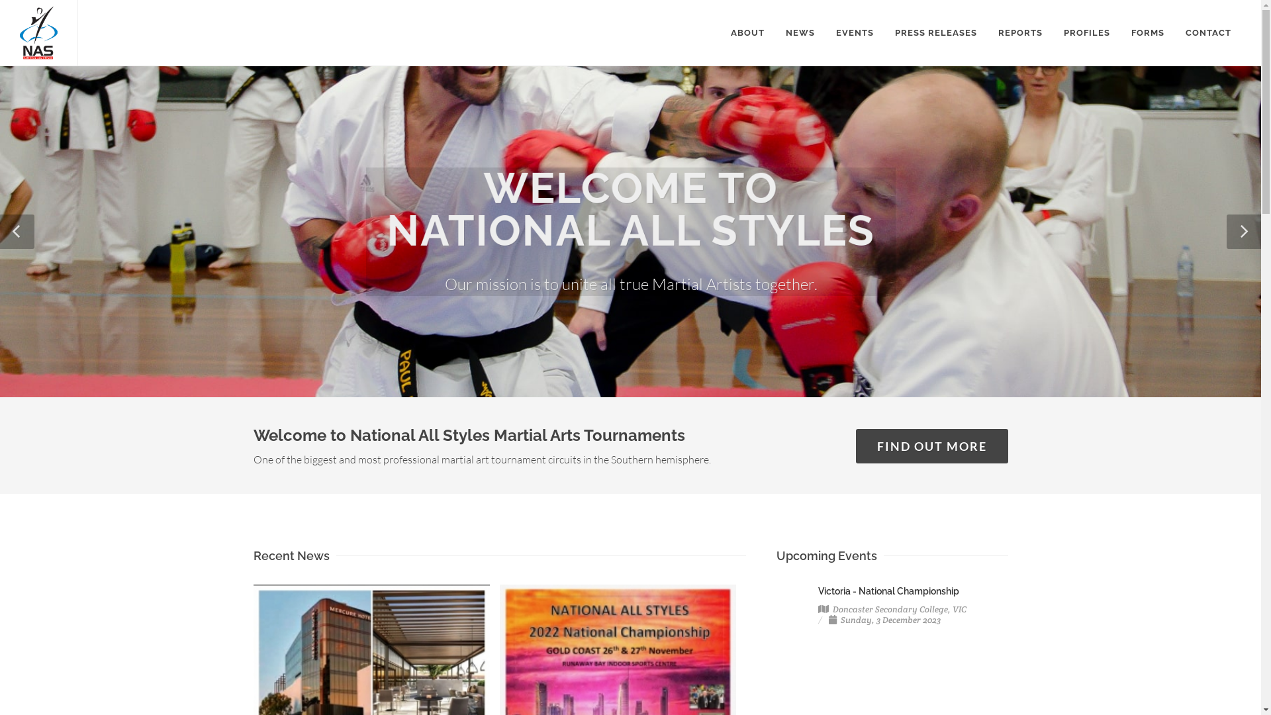 The height and width of the screenshot is (715, 1271). Describe the element at coordinates (930, 446) in the screenshot. I see `'FIND OUT MORE'` at that location.